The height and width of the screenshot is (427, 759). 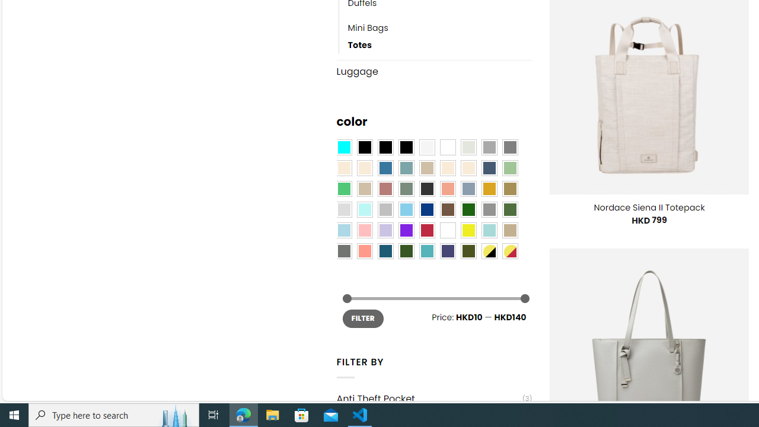 I want to click on 'Pink', so click(x=364, y=230).